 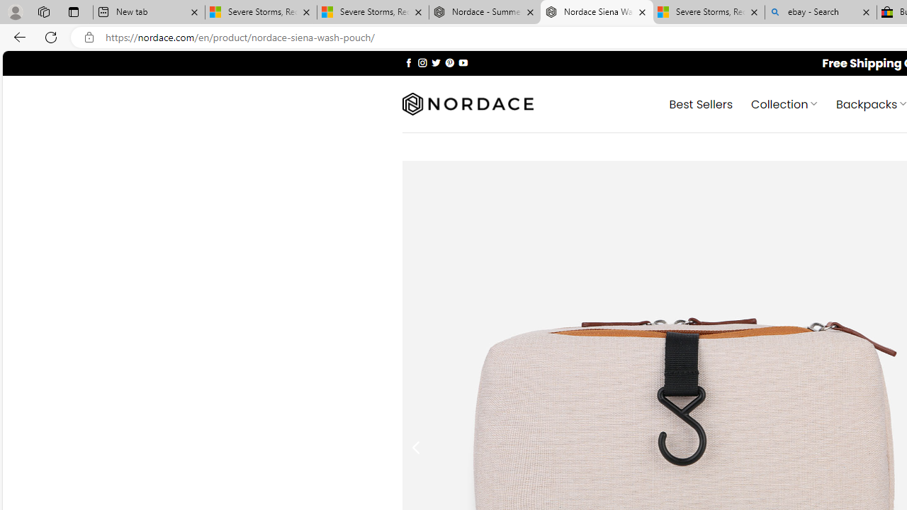 What do you see at coordinates (597, 12) in the screenshot?
I see `'Nordace Siena Wash Pouch'` at bounding box center [597, 12].